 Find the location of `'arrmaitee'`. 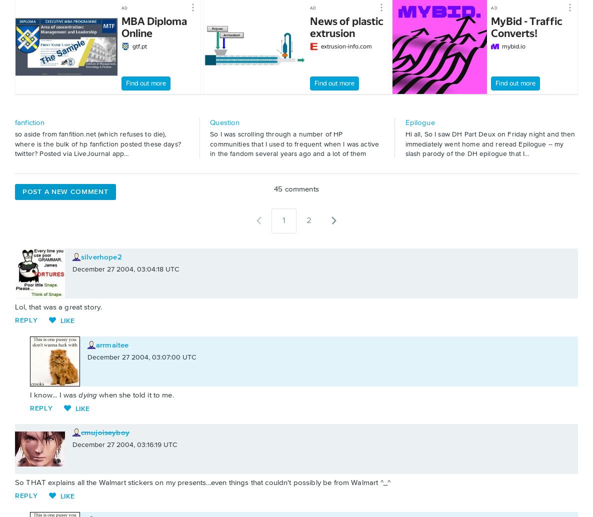

'arrmaitee' is located at coordinates (112, 344).